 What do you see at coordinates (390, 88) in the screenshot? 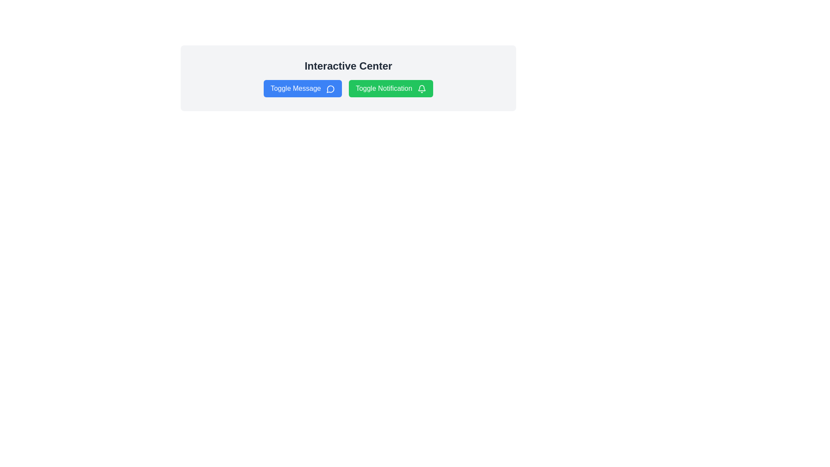
I see `the 'Toggle Notification' button, which is a rectangular button with rounded corners, a green background, and white text, to trigger the hover effect that darkens the background color` at bounding box center [390, 88].